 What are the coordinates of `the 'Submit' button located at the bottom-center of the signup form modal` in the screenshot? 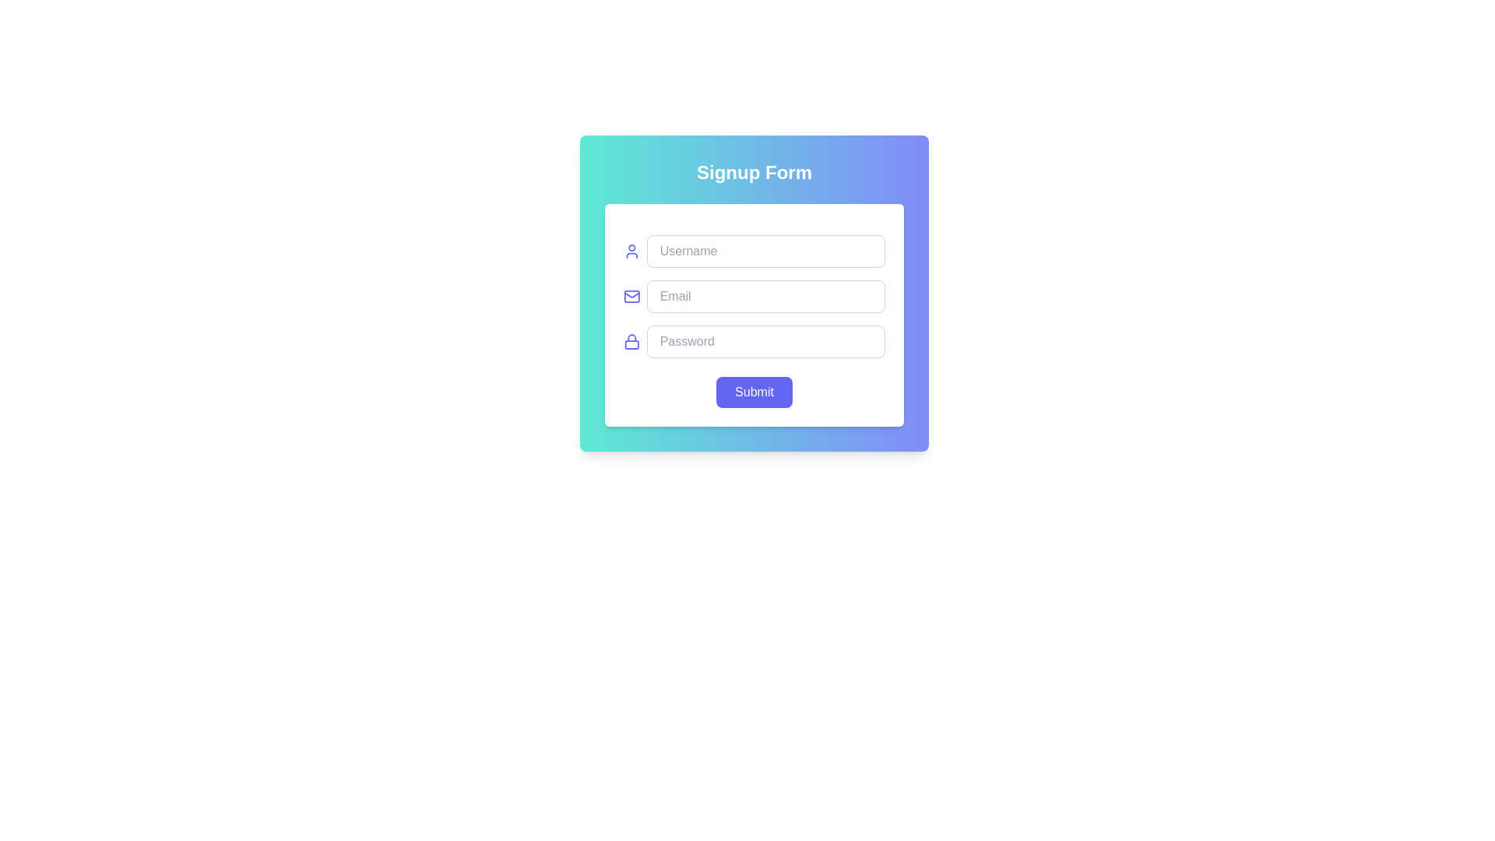 It's located at (755, 392).